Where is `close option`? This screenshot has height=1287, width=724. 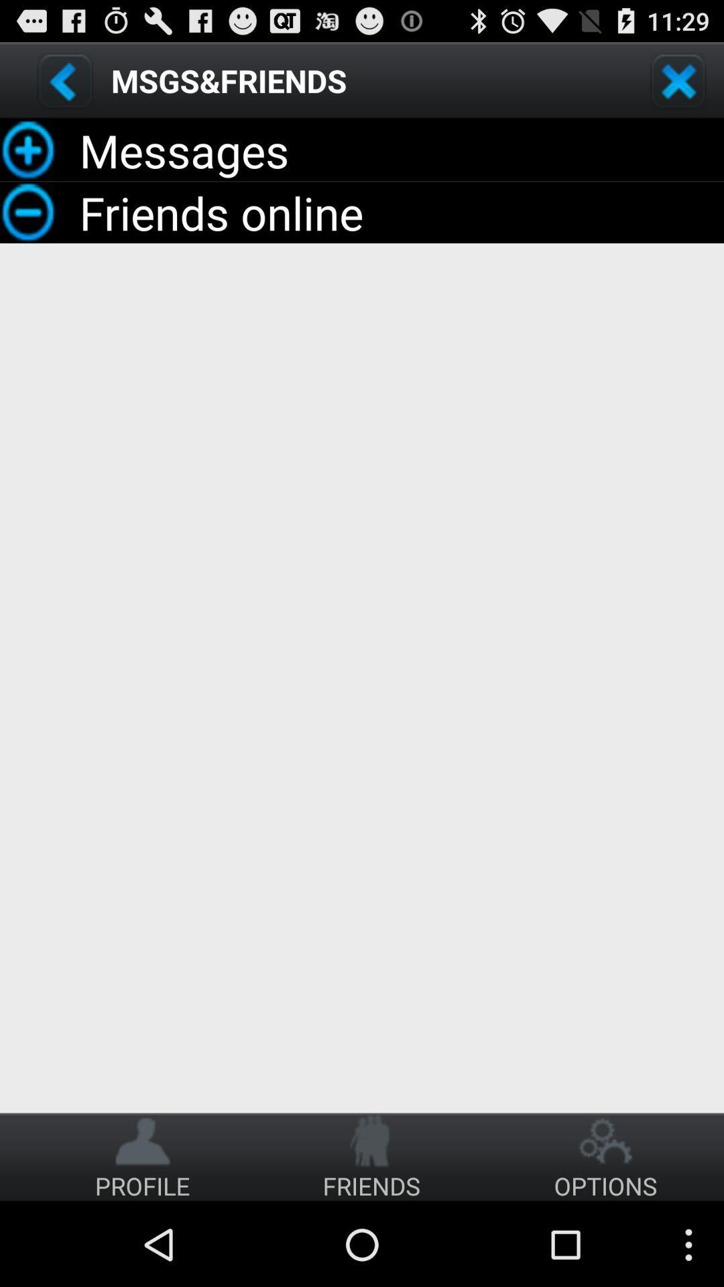
close option is located at coordinates (678, 80).